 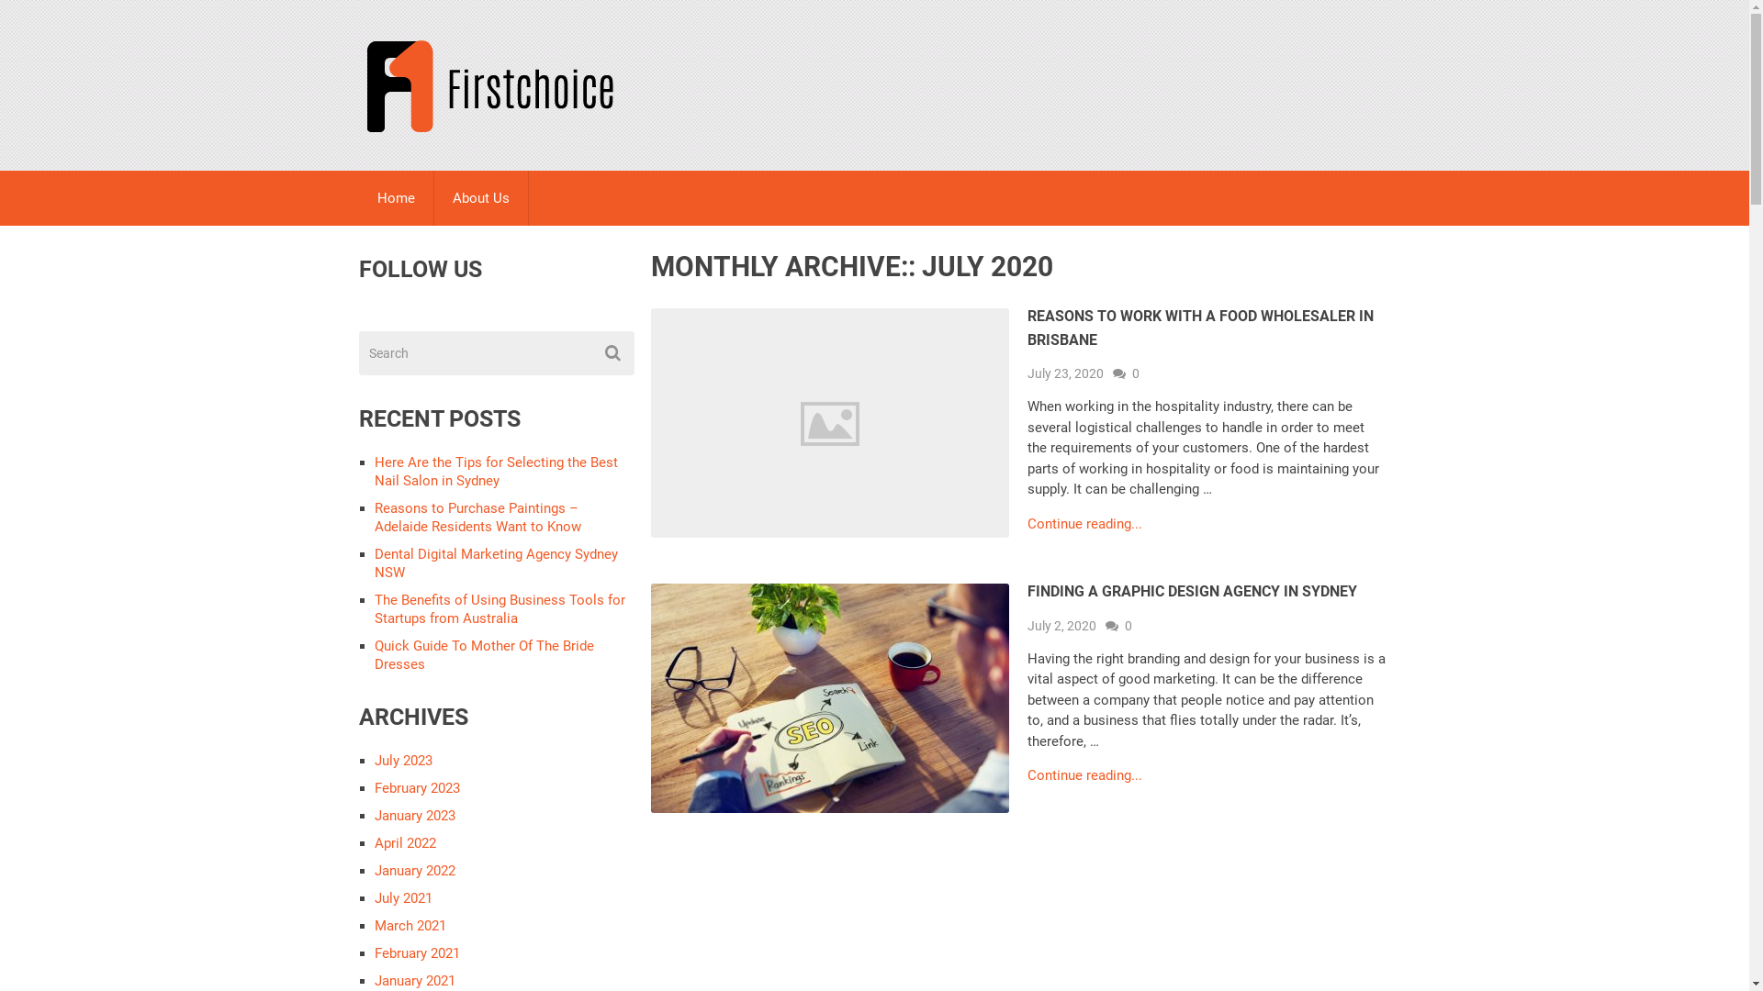 I want to click on 'Dental Digital Marketing Agency Sydney NSW', so click(x=496, y=562).